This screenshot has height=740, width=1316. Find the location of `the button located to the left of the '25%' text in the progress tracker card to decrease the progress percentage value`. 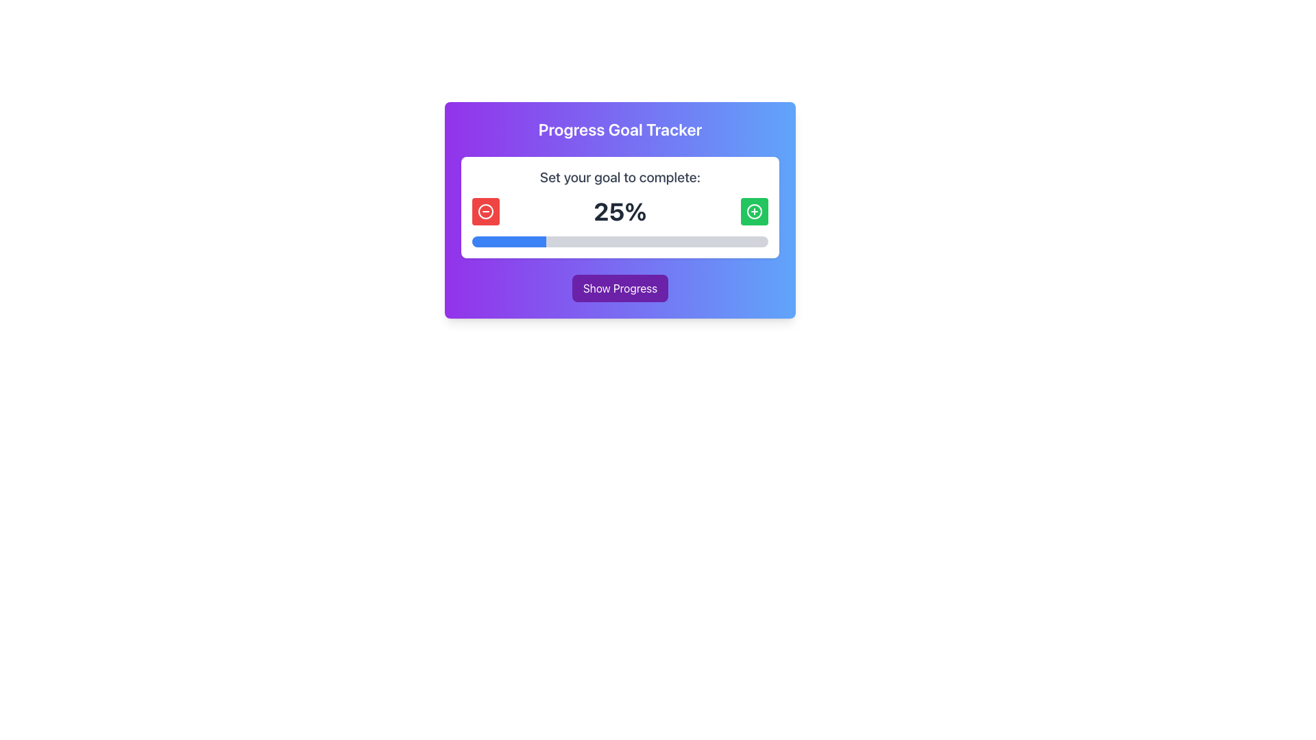

the button located to the left of the '25%' text in the progress tracker card to decrease the progress percentage value is located at coordinates (486, 211).